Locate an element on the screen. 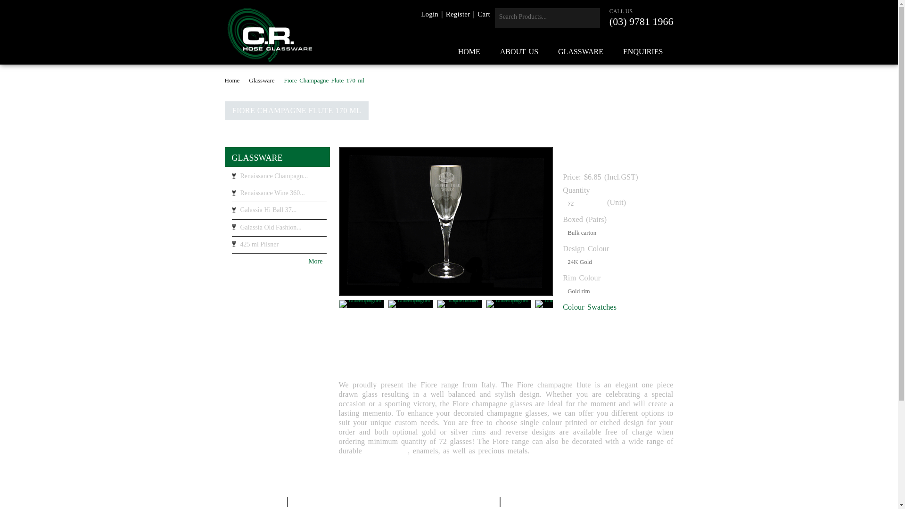 This screenshot has height=509, width=905. 'Colour Swatches' is located at coordinates (589, 307).